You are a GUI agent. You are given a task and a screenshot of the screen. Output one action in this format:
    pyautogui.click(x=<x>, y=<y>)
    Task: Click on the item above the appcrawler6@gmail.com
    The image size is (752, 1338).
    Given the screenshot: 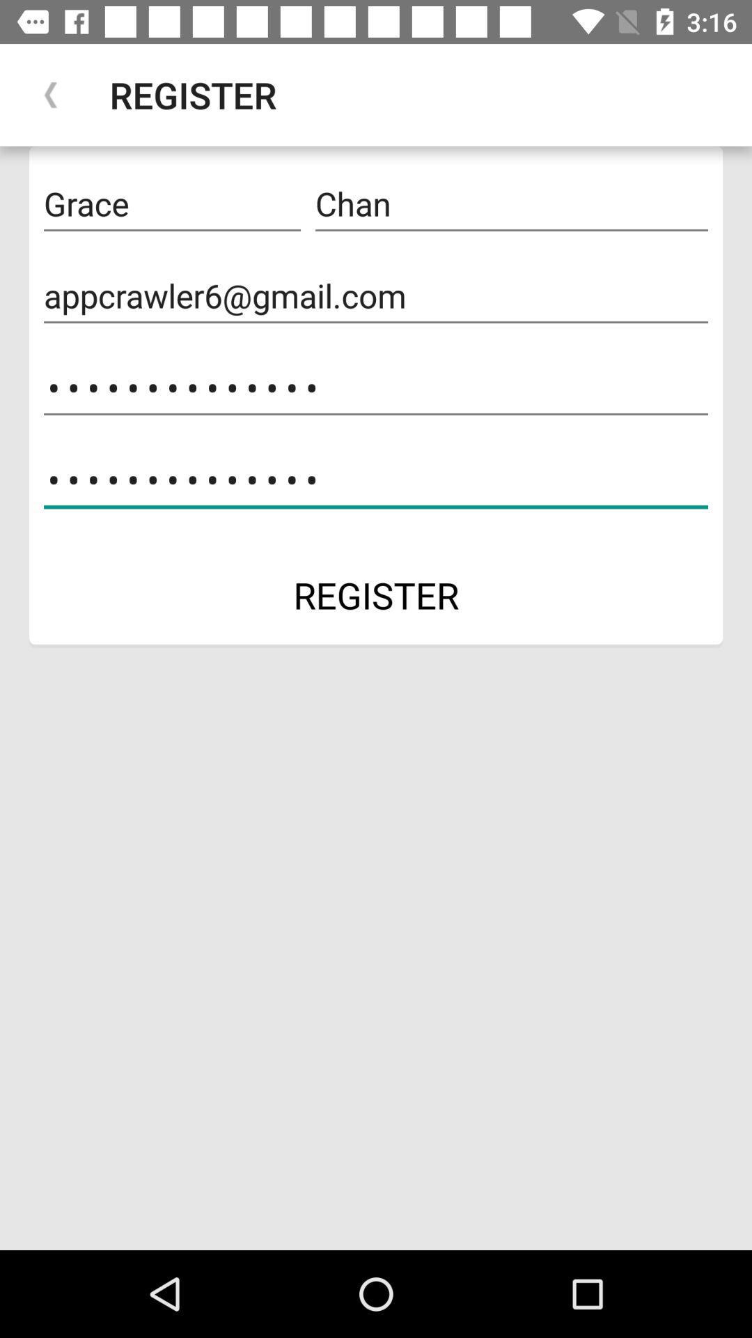 What is the action you would take?
    pyautogui.click(x=512, y=203)
    